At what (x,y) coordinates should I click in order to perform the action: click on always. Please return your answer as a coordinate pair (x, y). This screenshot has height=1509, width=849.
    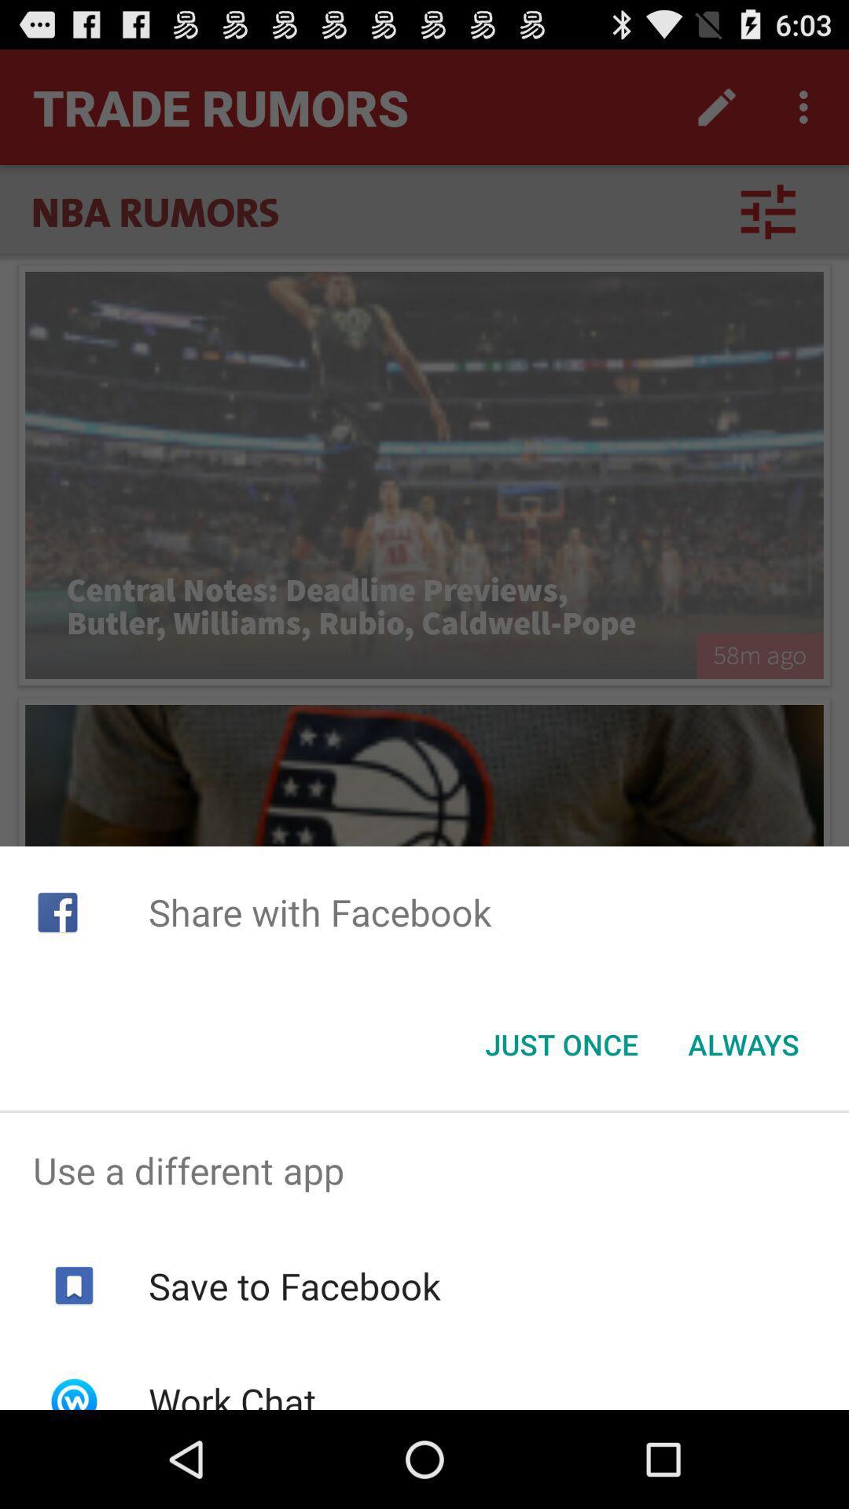
    Looking at the image, I should click on (743, 1045).